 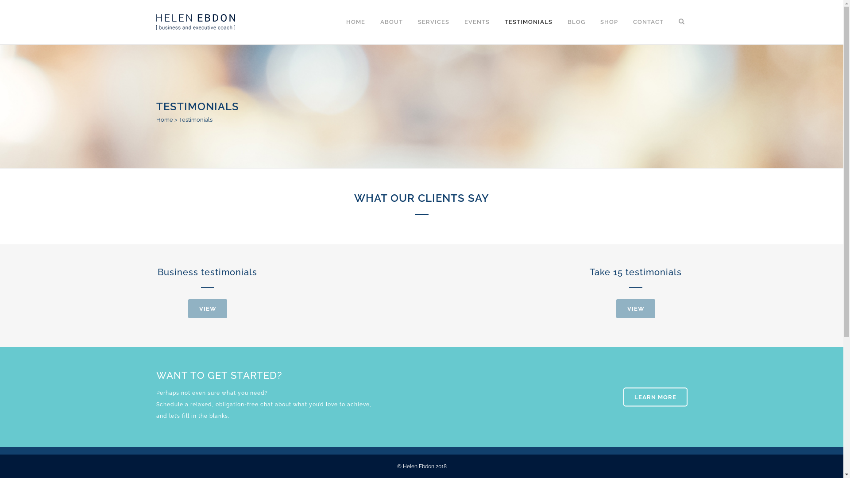 I want to click on 'Events', so click(x=440, y=328).